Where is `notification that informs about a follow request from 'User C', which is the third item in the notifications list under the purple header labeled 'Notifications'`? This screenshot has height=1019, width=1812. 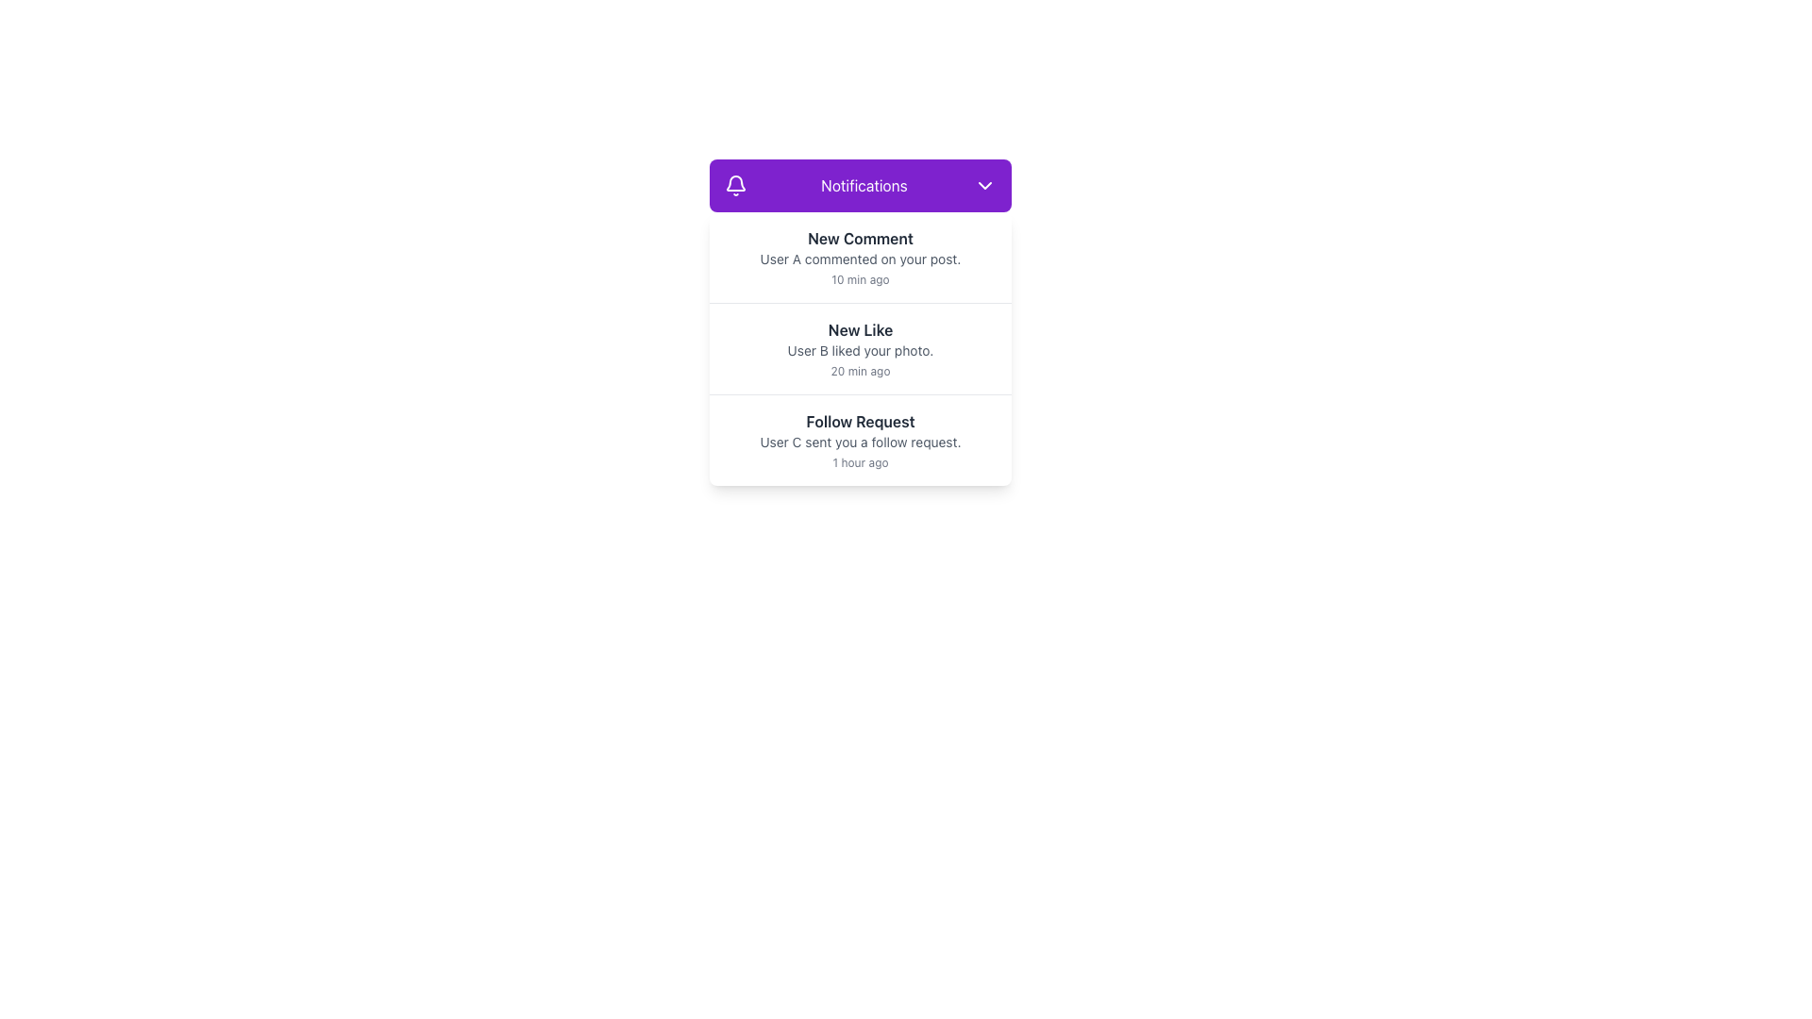 notification that informs about a follow request from 'User C', which is the third item in the notifications list under the purple header labeled 'Notifications' is located at coordinates (860, 440).